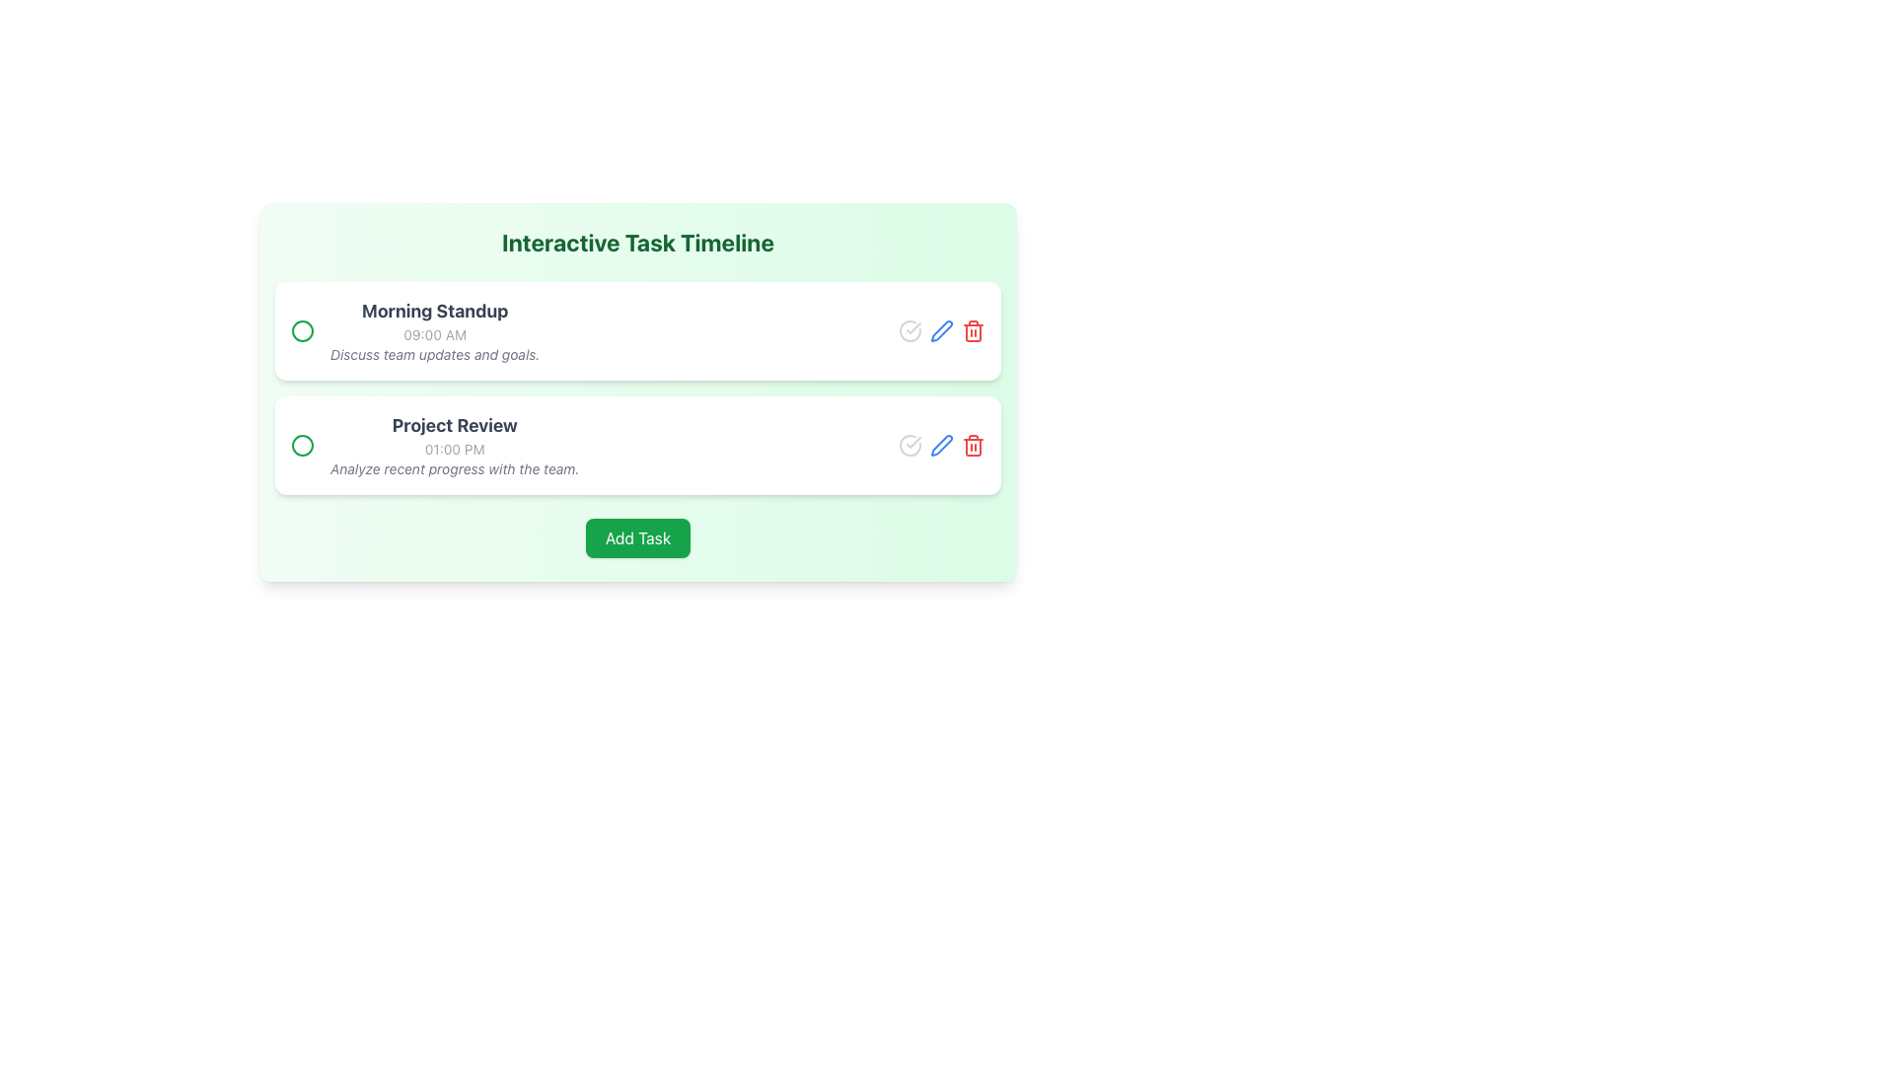  I want to click on the task entry text located in the second row of the vertically stacked list, directly below the 'Morning Standup' row, so click(454, 445).